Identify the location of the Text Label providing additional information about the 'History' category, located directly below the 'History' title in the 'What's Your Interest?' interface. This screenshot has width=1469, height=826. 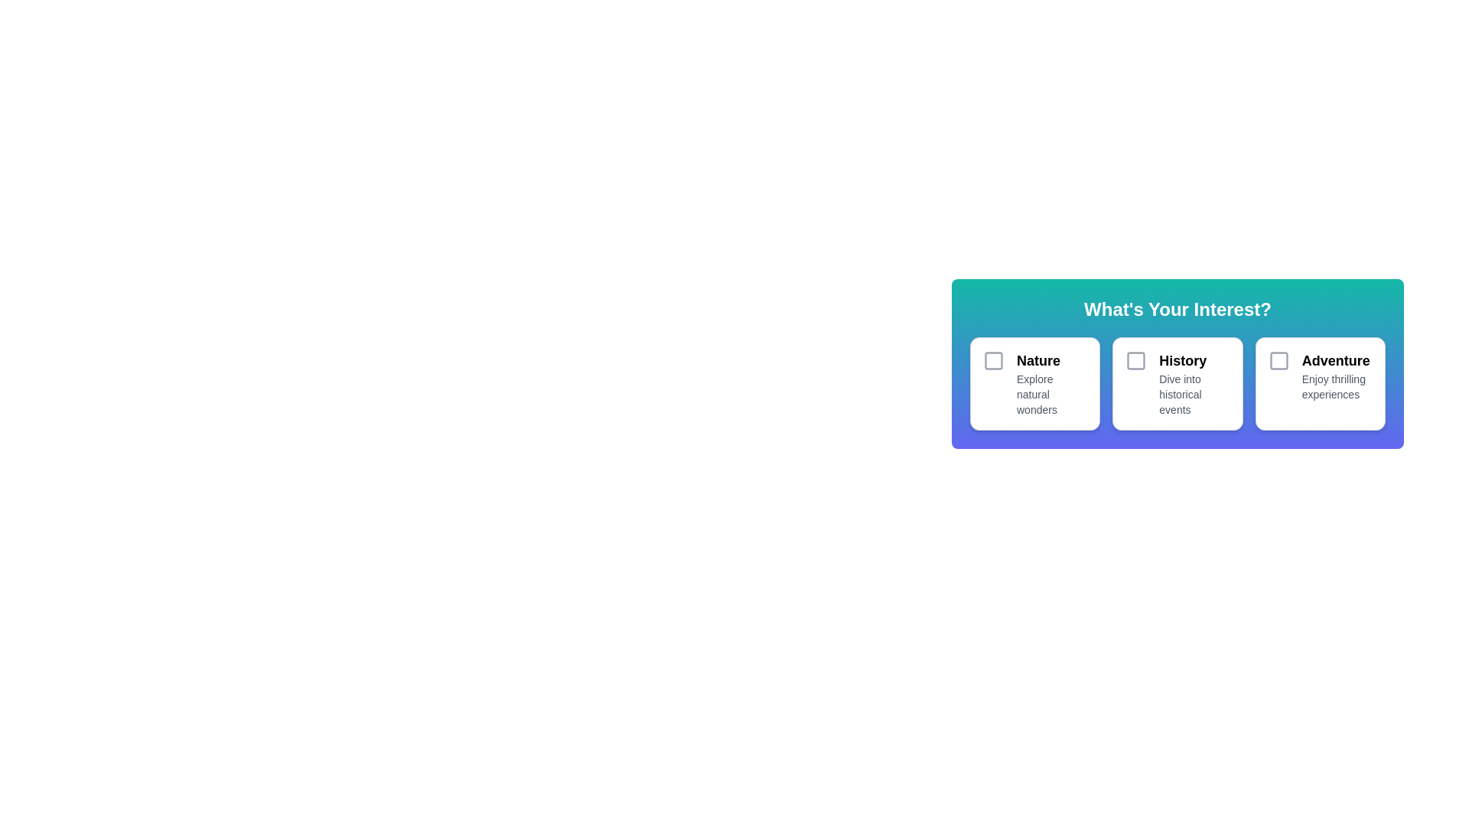
(1194, 394).